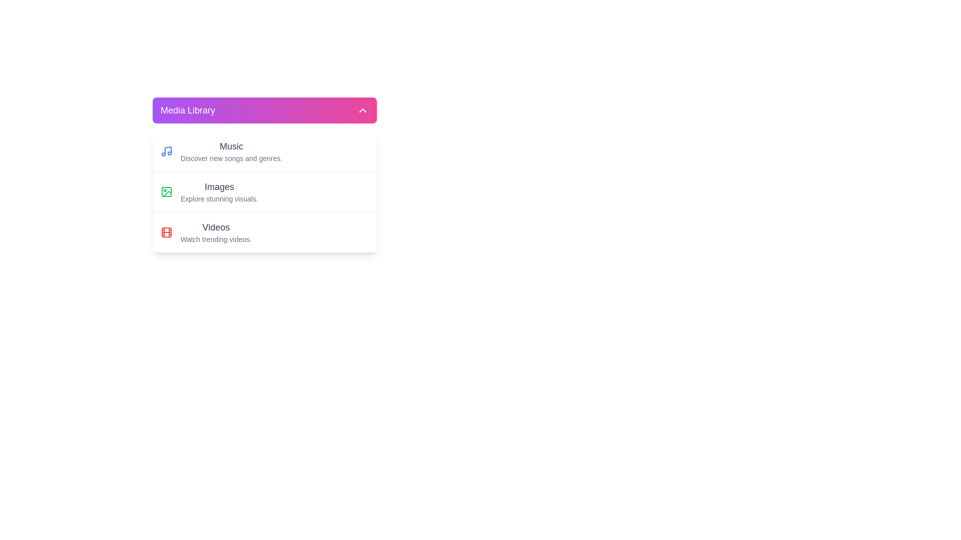 This screenshot has height=540, width=961. I want to click on the 'Images' text block, which features a bold heading and a subheading, located in the 'Media Library' section between 'Music' and 'Videos', so click(219, 192).